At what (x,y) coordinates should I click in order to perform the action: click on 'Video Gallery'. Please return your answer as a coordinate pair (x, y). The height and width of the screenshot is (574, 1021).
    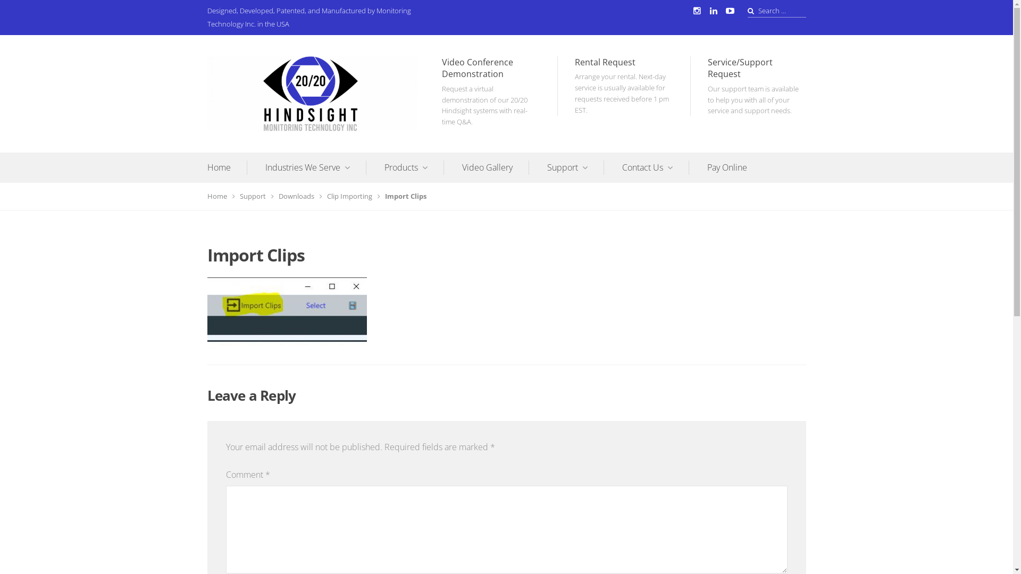
    Looking at the image, I should click on (462, 167).